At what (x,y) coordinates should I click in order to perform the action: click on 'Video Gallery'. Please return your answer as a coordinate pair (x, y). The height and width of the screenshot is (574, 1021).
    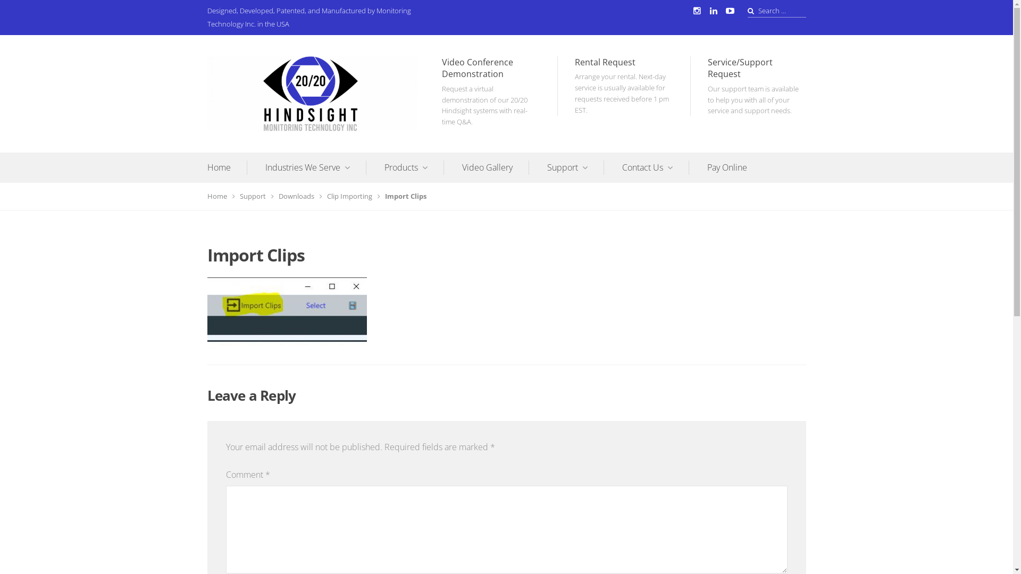
    Looking at the image, I should click on (462, 167).